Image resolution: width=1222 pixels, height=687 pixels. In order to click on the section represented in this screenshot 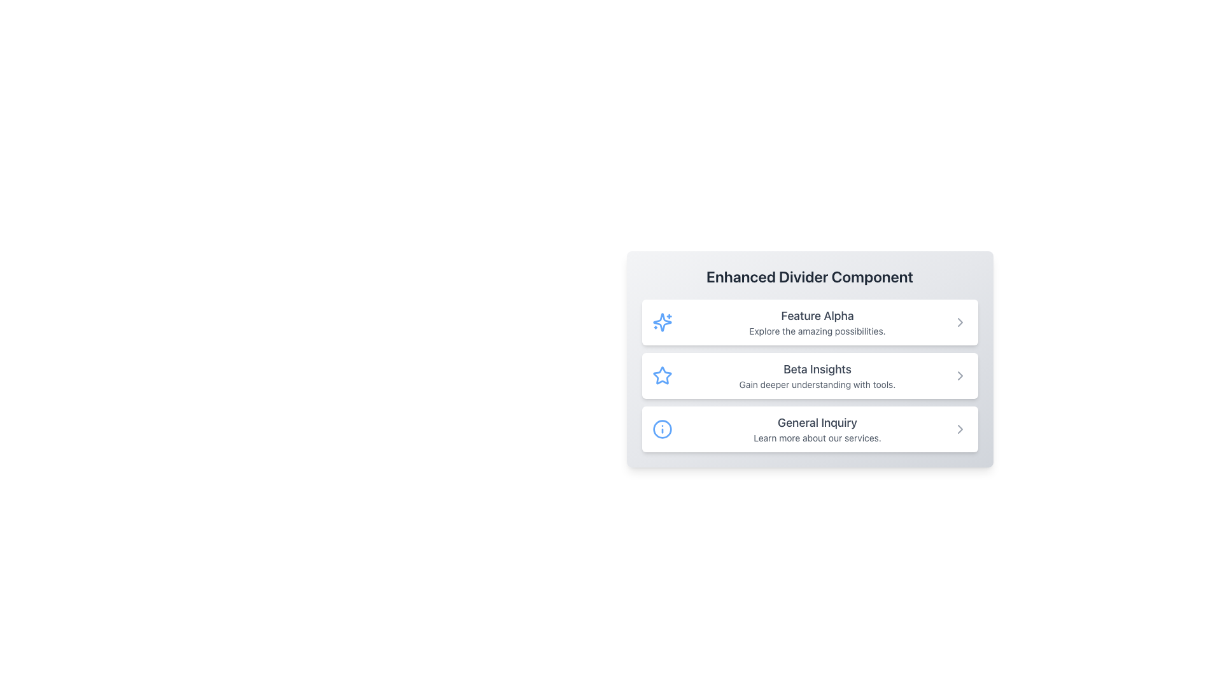, I will do `click(662, 321)`.